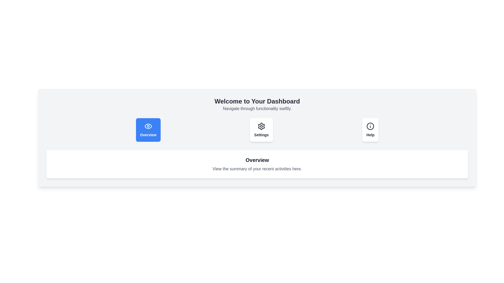 This screenshot has height=283, width=504. What do you see at coordinates (261, 135) in the screenshot?
I see `the text label that describes the settings button, located centrally below the gear-shaped icon in the right-middle of the dashboard's row of components` at bounding box center [261, 135].